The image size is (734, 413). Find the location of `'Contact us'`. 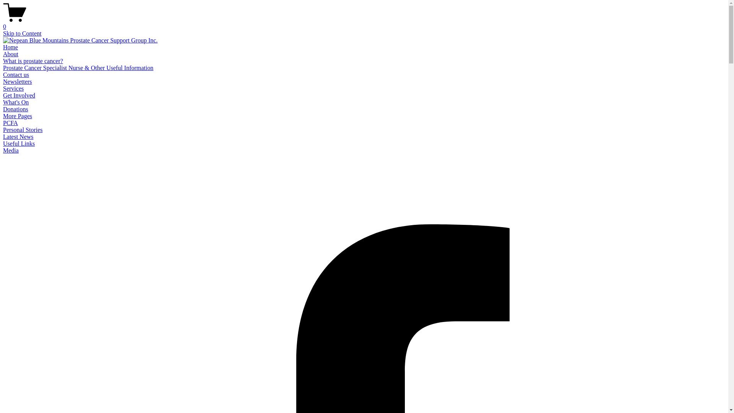

'Contact us' is located at coordinates (16, 75).